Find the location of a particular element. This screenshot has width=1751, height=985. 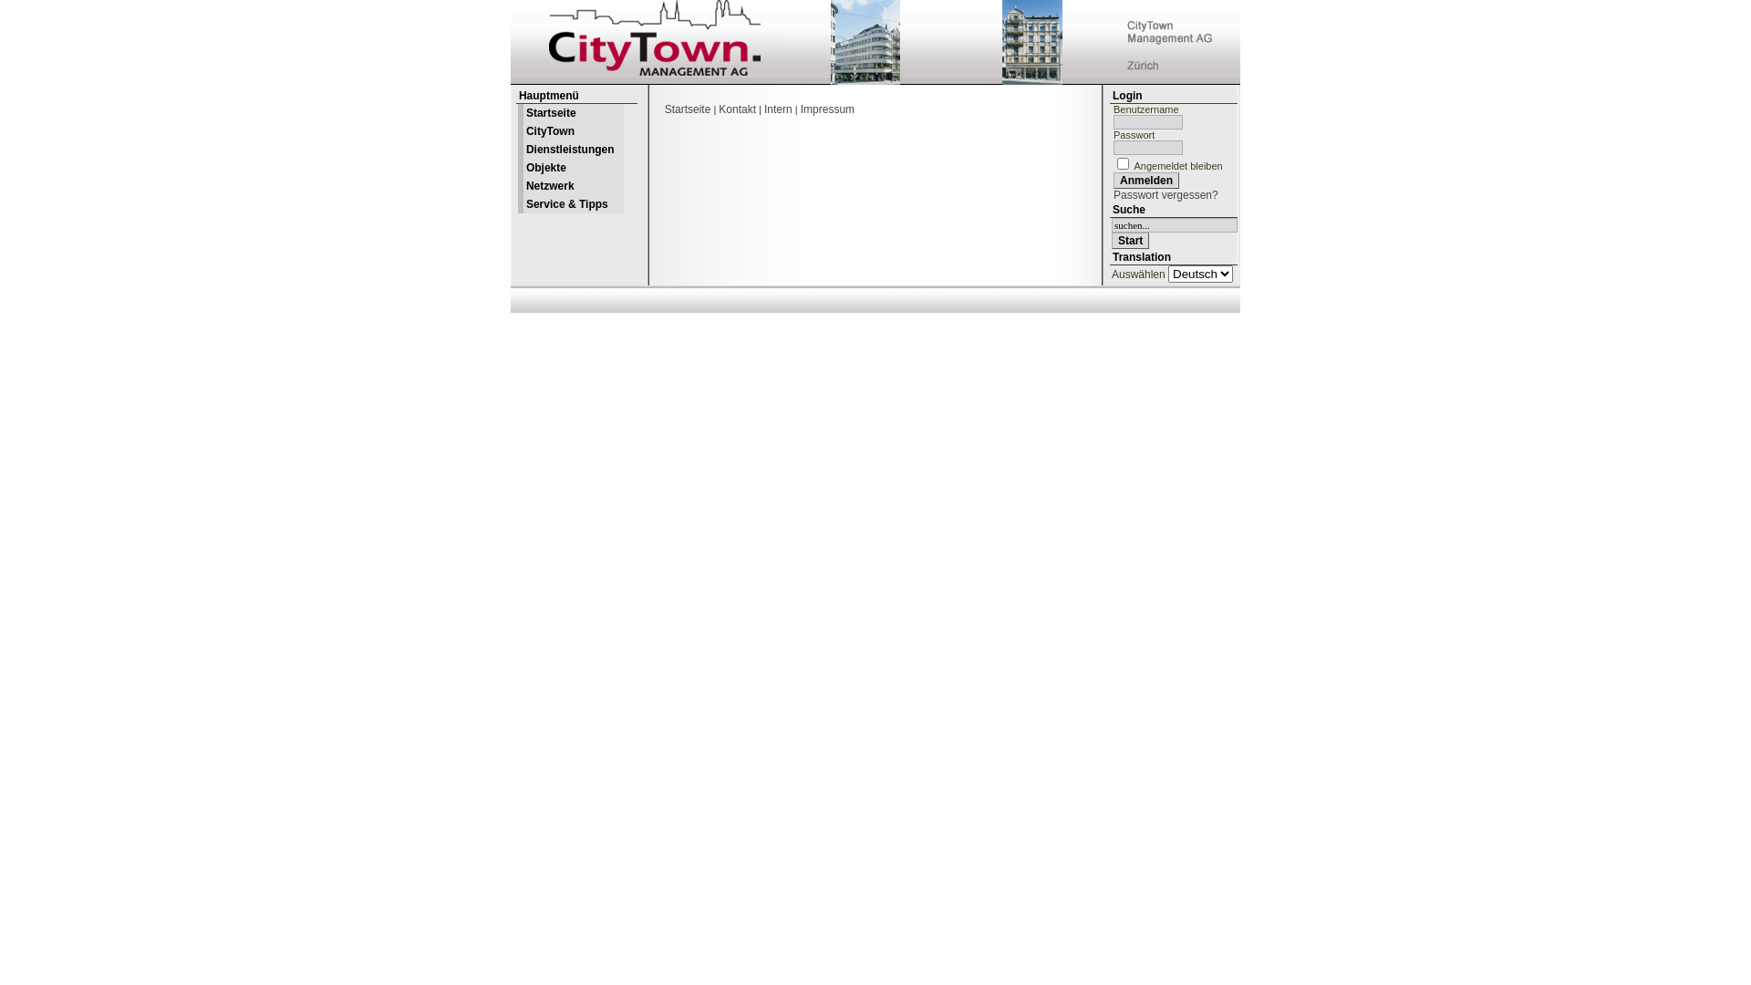

'CityTown' is located at coordinates (516, 130).